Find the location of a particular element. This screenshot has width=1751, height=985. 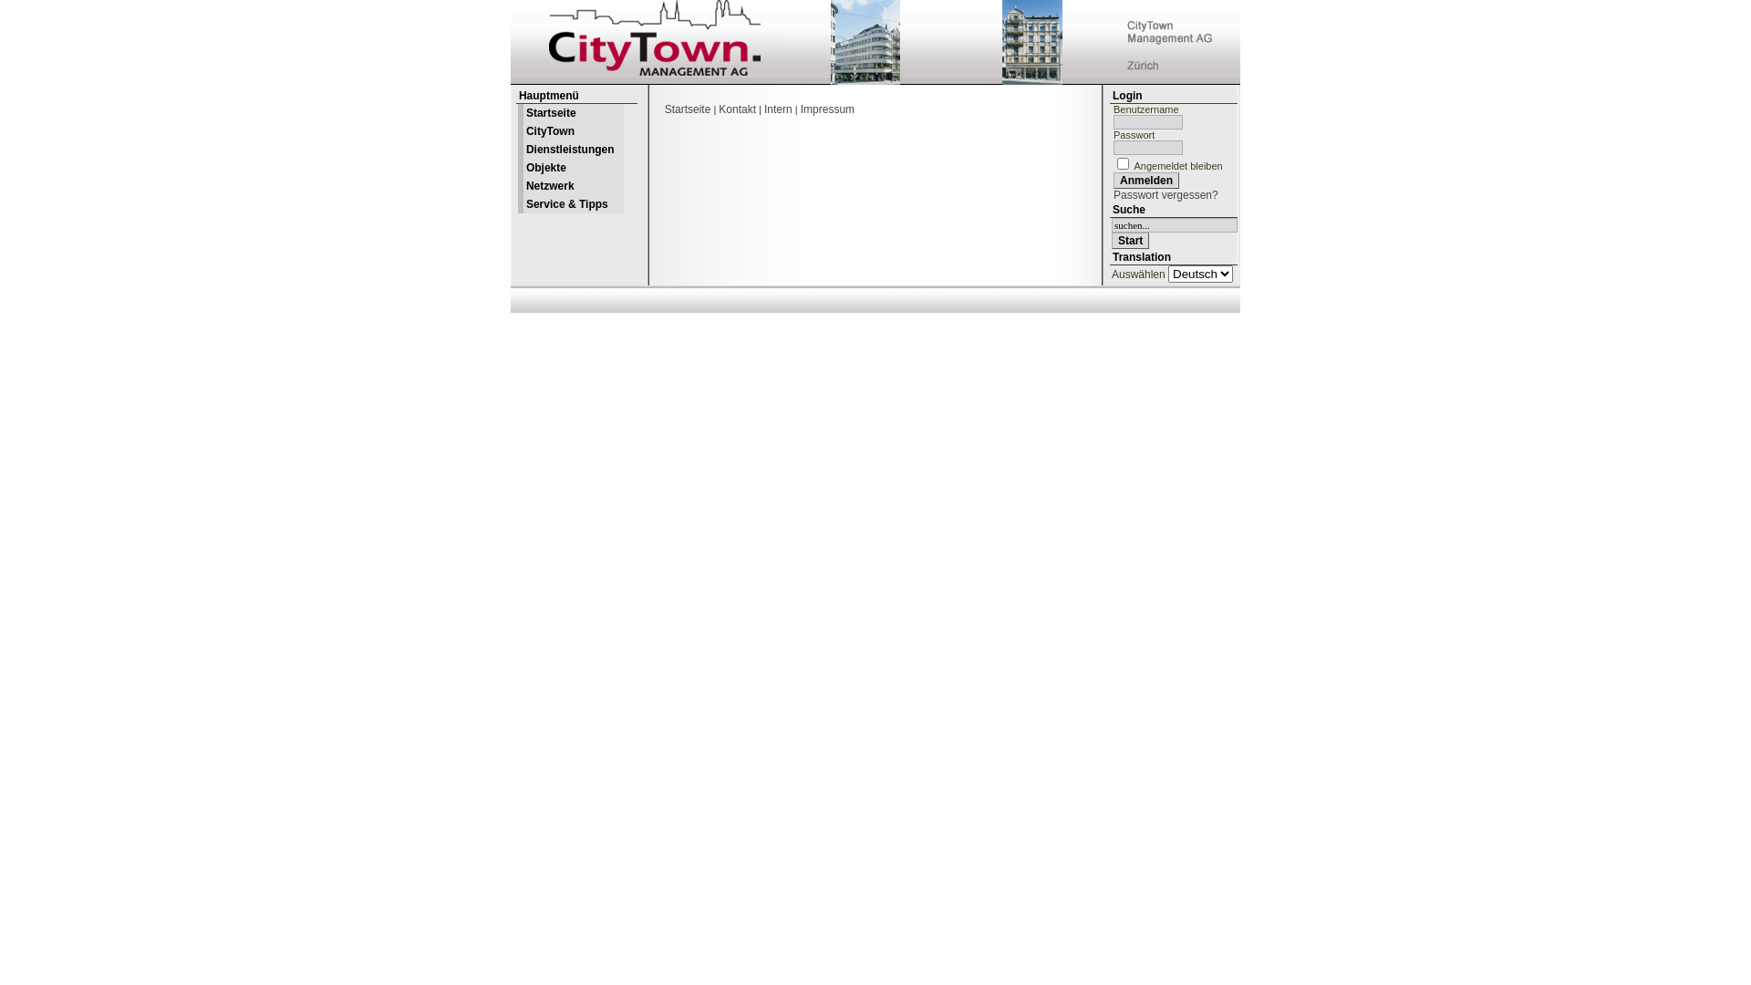

'CityTown' is located at coordinates (516, 130).